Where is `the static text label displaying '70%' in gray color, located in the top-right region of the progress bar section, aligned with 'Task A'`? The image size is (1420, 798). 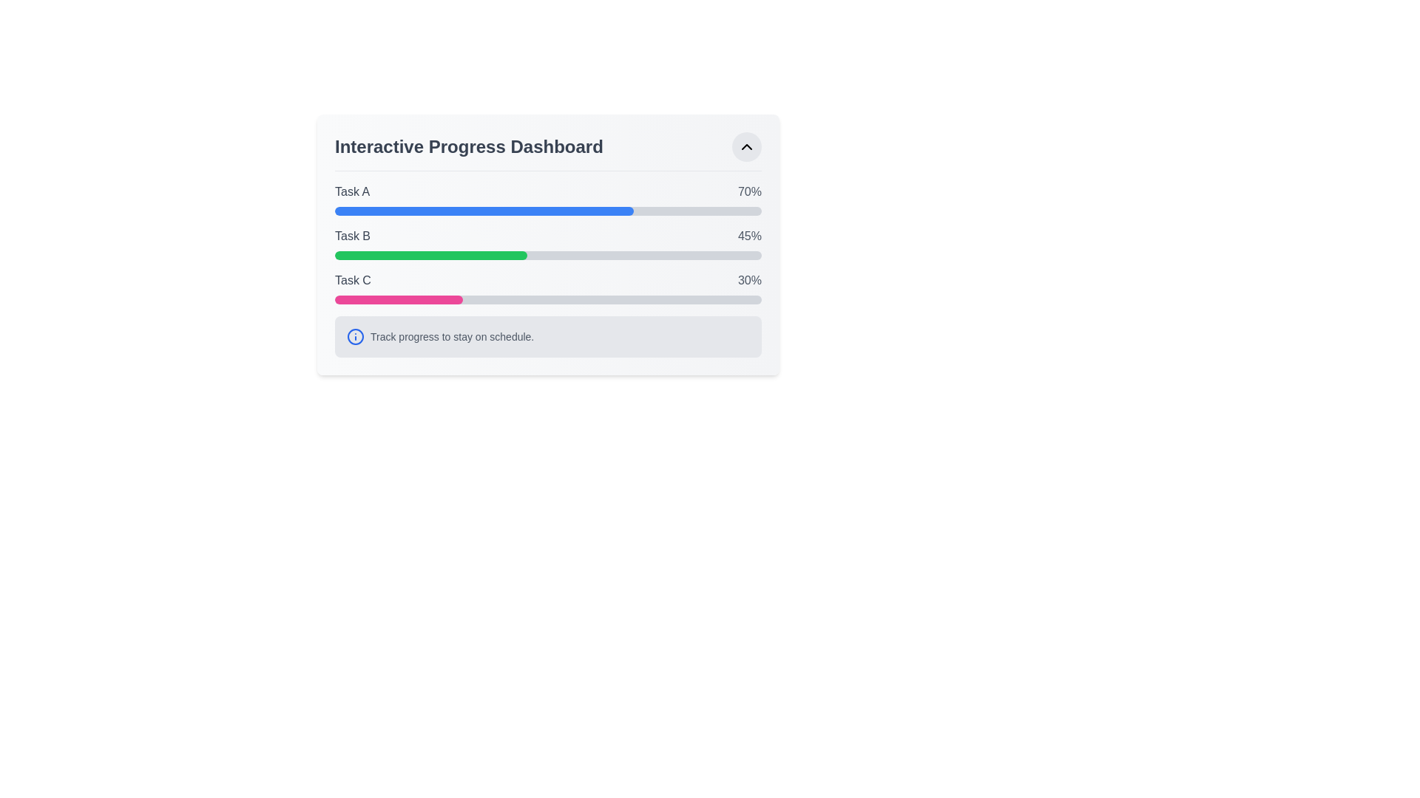
the static text label displaying '70%' in gray color, located in the top-right region of the progress bar section, aligned with 'Task A' is located at coordinates (749, 191).